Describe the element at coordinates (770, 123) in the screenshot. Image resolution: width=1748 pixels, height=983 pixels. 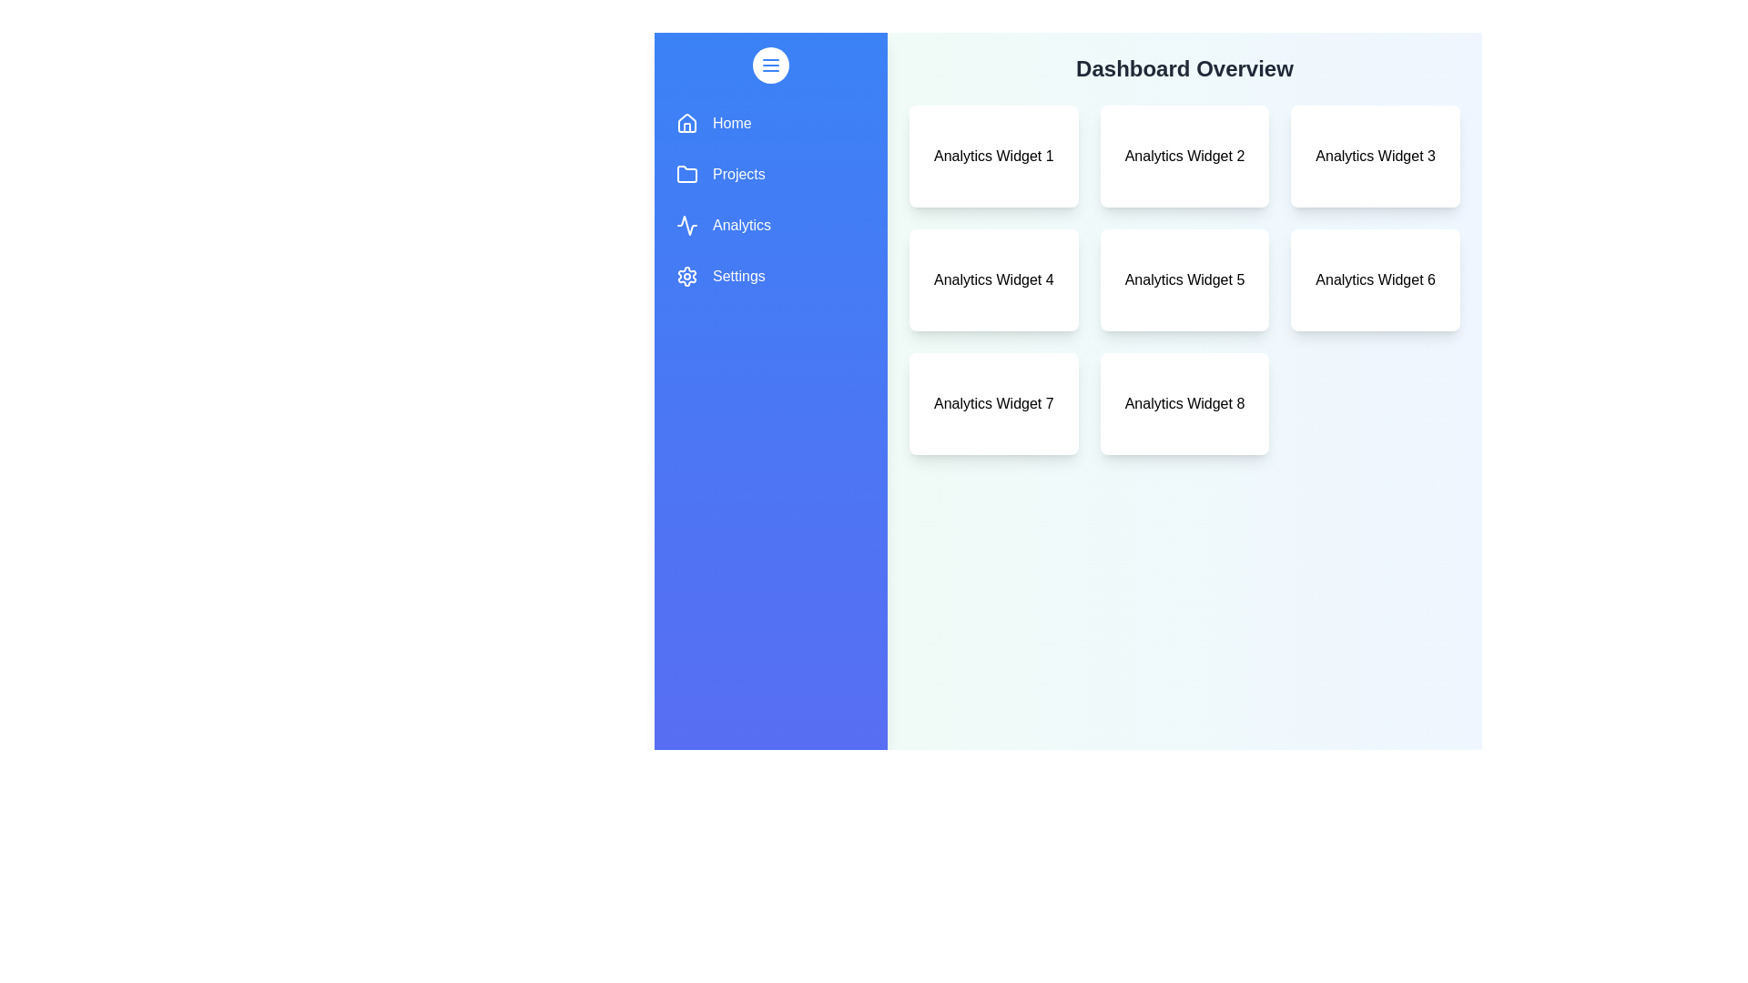
I see `the menu item Home from the drawer menu` at that location.